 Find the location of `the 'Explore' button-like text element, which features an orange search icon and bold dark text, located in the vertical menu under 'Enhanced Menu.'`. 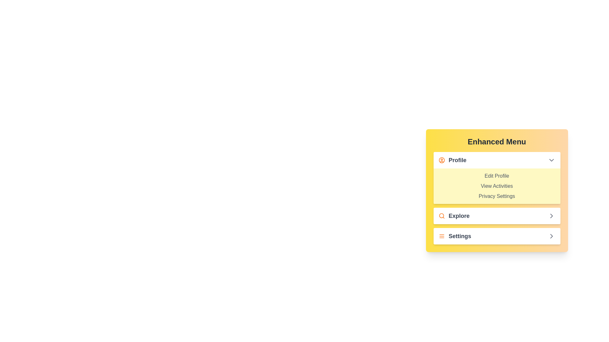

the 'Explore' button-like text element, which features an orange search icon and bold dark text, located in the vertical menu under 'Enhanced Menu.' is located at coordinates (454, 216).